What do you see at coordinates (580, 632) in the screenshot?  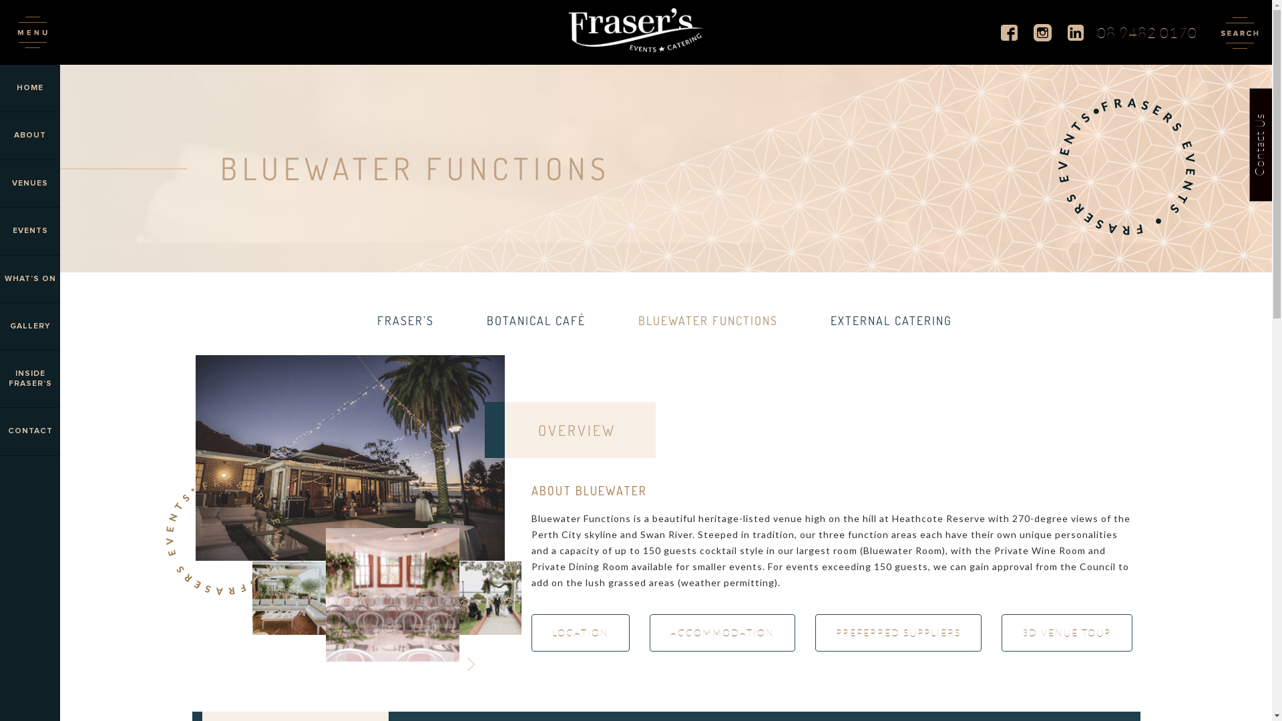 I see `'LOCATION'` at bounding box center [580, 632].